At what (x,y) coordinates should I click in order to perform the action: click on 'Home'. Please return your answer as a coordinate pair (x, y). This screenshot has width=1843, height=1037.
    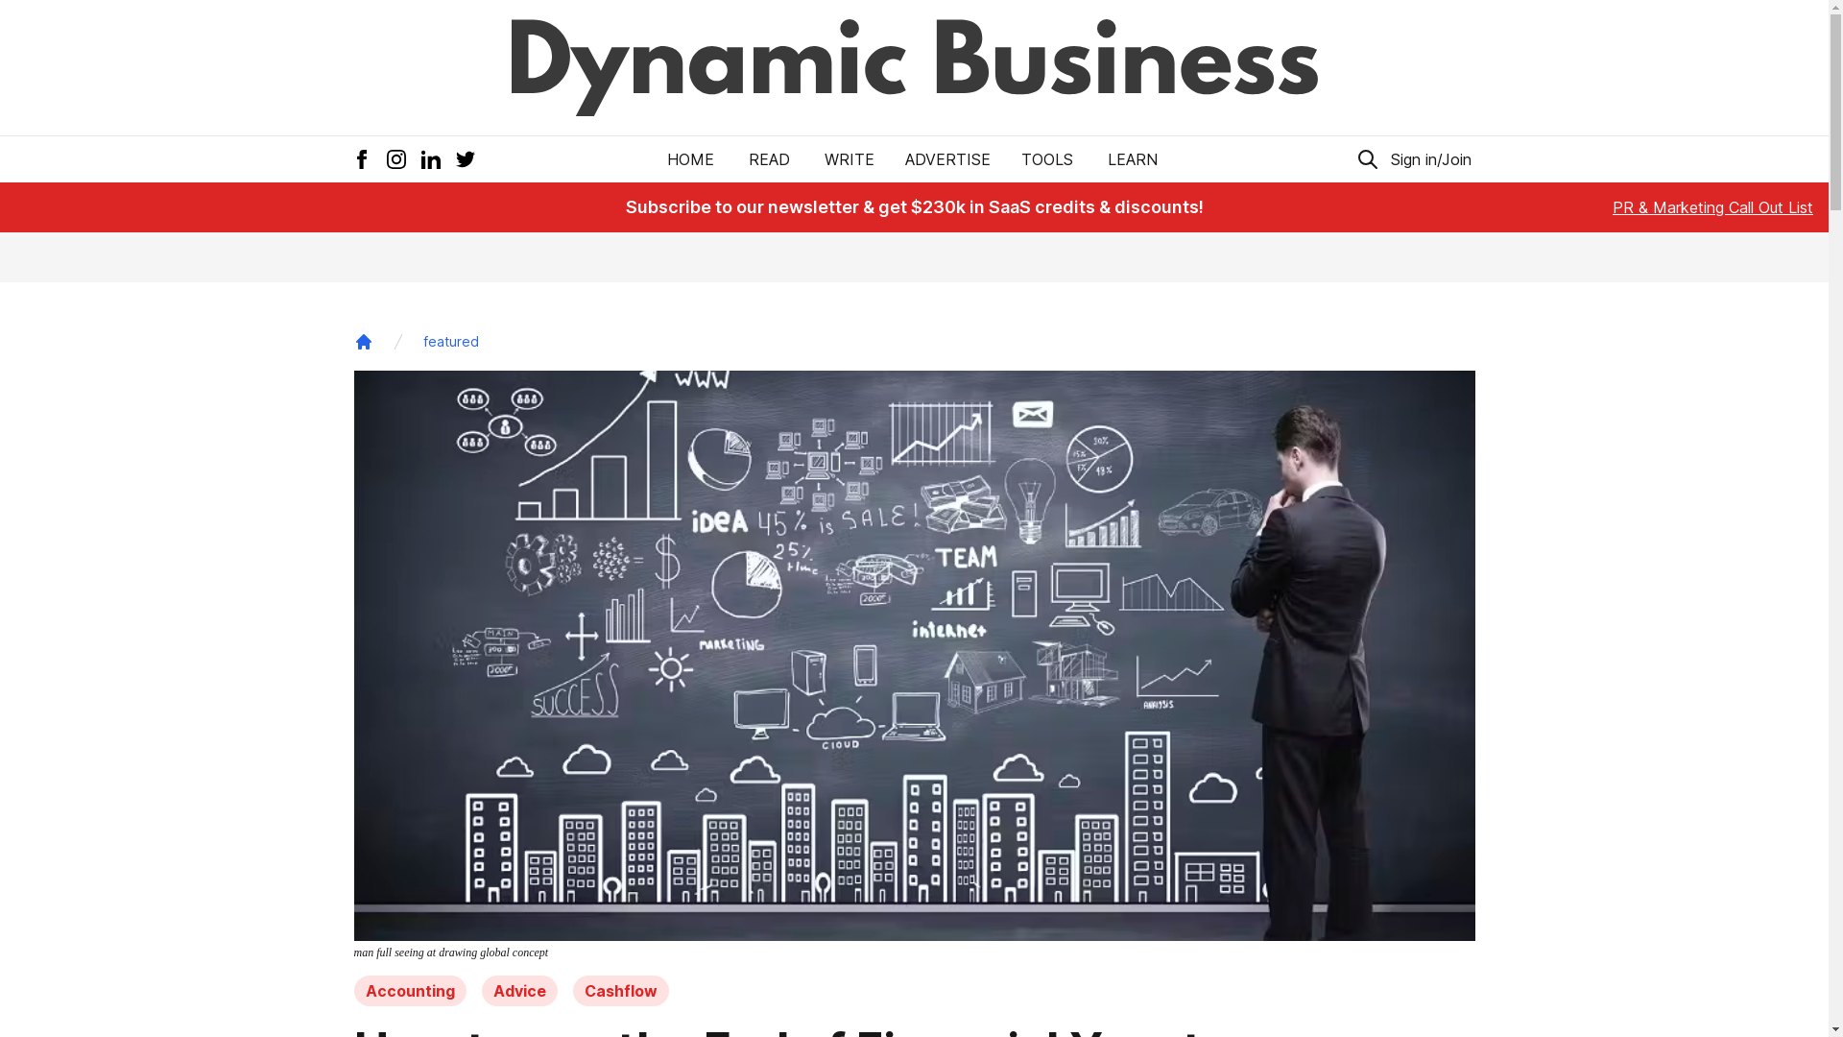
    Looking at the image, I should click on (363, 340).